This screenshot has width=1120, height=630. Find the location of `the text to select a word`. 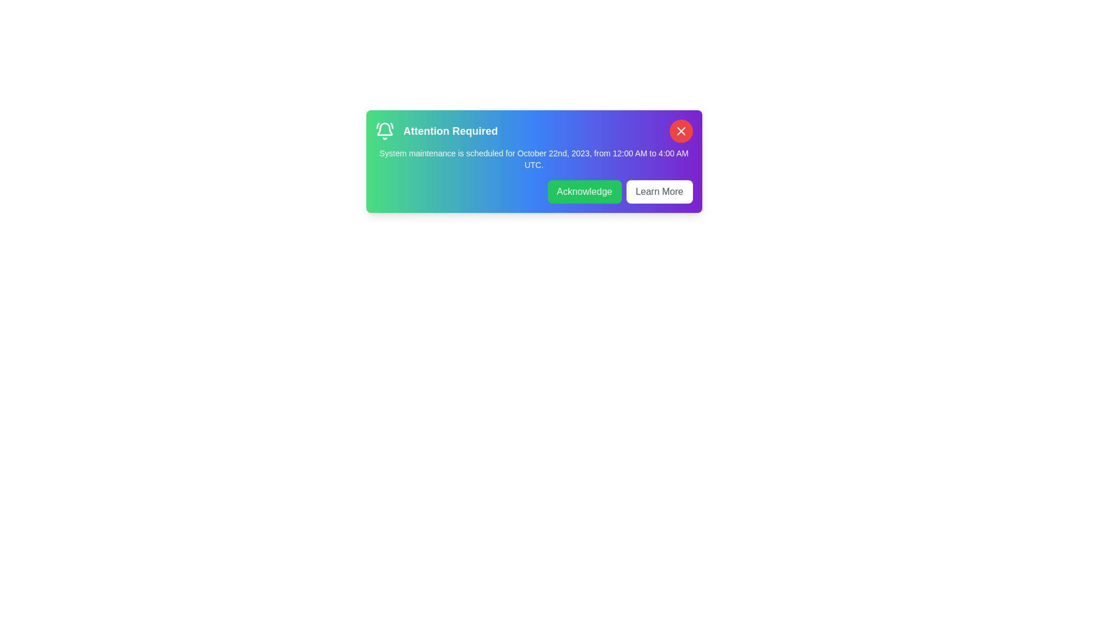

the text to select a word is located at coordinates (533, 159).